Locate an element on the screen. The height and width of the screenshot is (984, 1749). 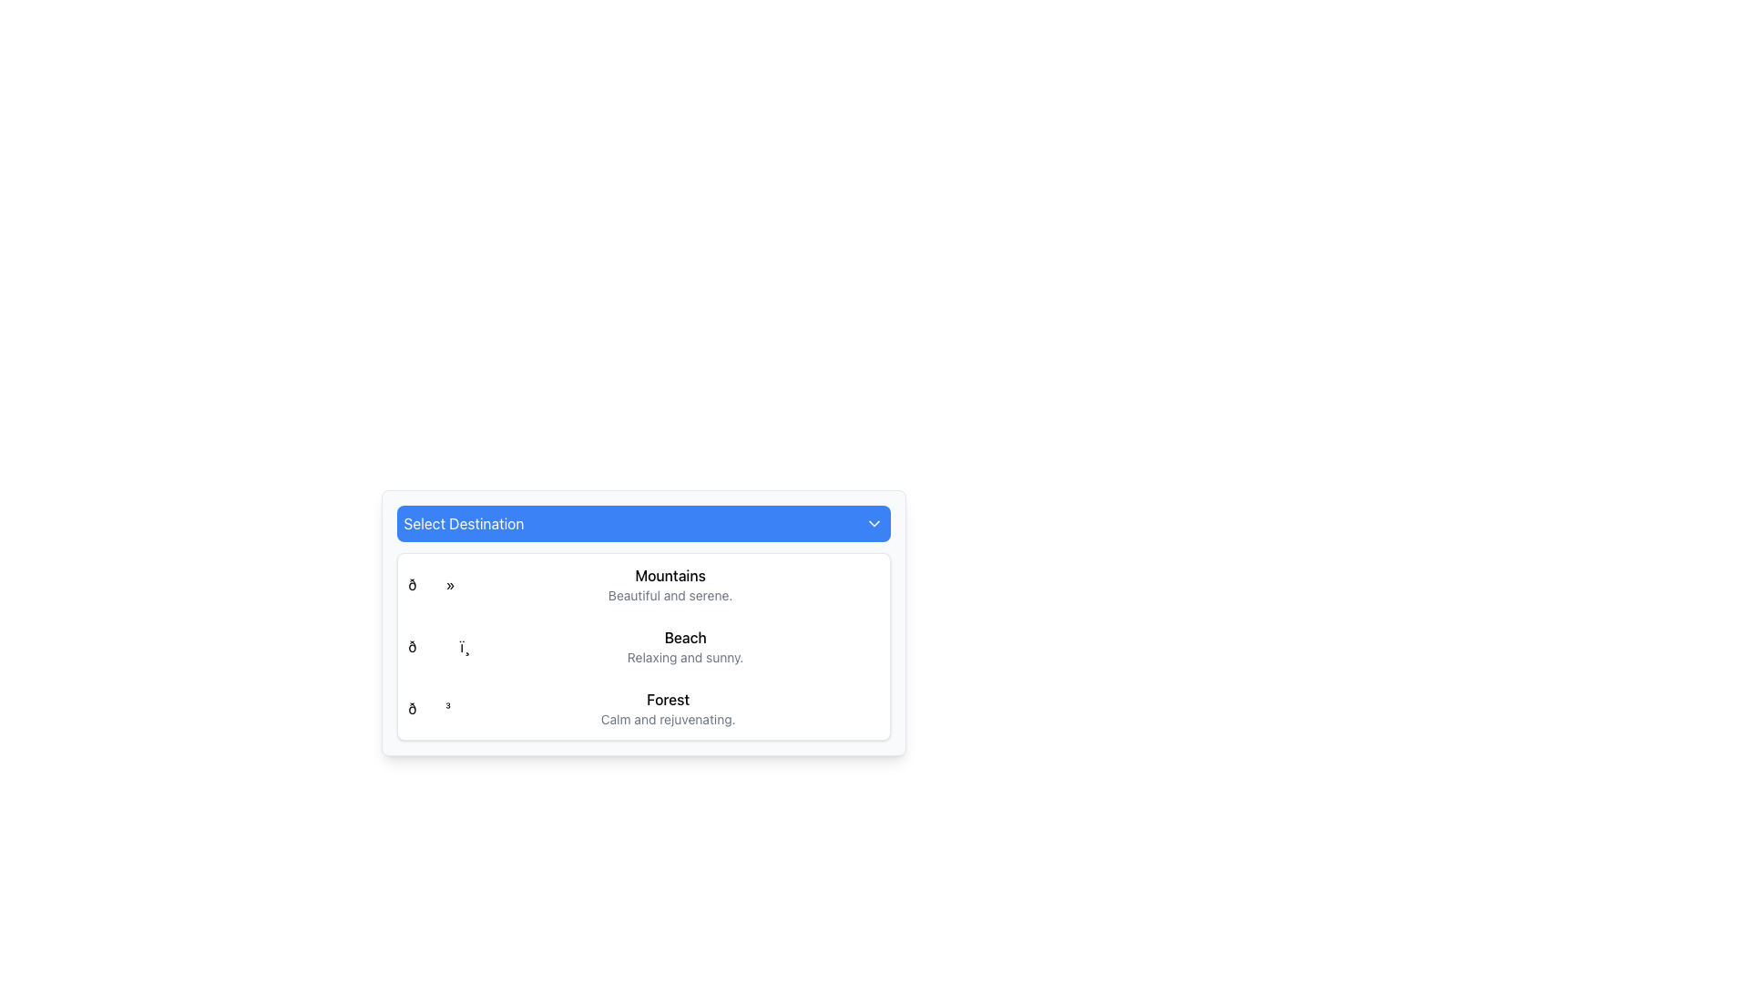
the selectable list item for 'Beach', which is the second option in the list is located at coordinates (643, 645).